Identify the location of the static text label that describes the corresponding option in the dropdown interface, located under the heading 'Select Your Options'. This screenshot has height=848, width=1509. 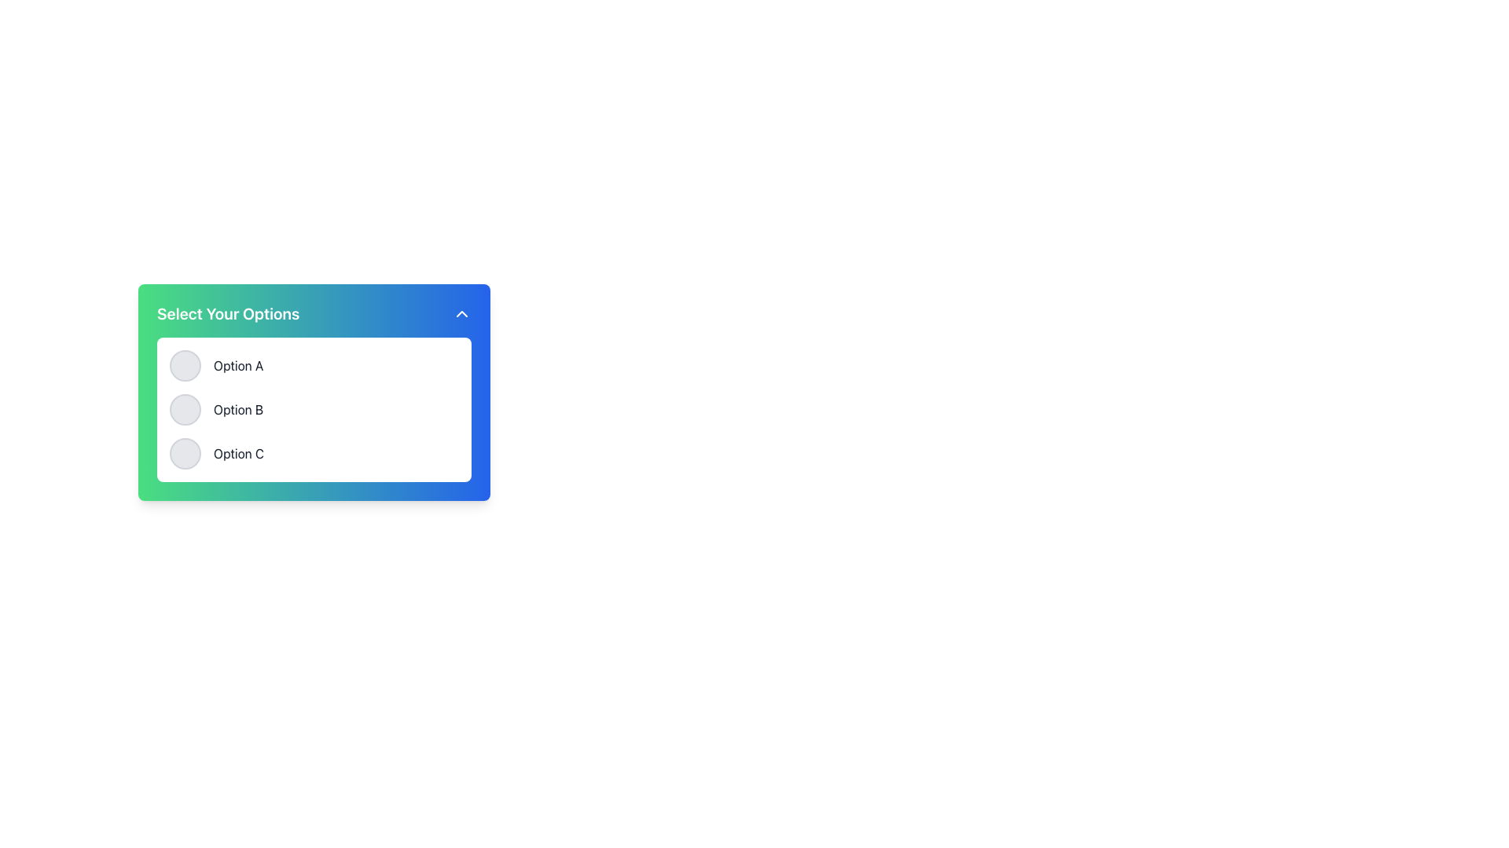
(237, 366).